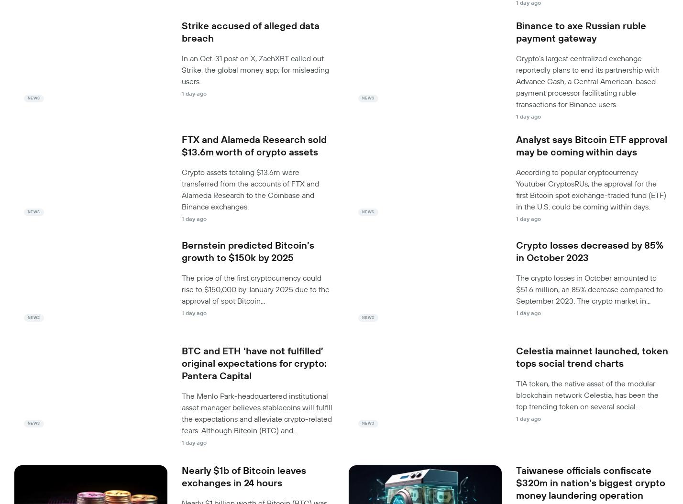 The width and height of the screenshot is (683, 504). I want to click on 'The price of the first cryptocurrency could rise to $150,000 by January 2025 due to the approval of spot Bitcoin...', so click(255, 288).